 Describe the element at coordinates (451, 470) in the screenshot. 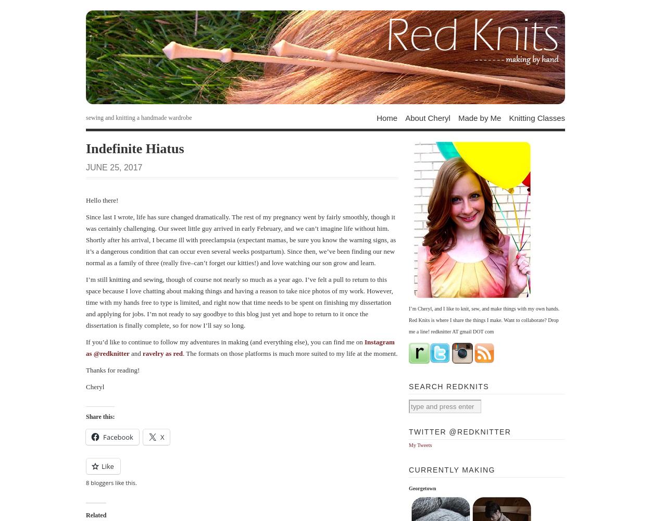

I see `'Currently Making'` at that location.